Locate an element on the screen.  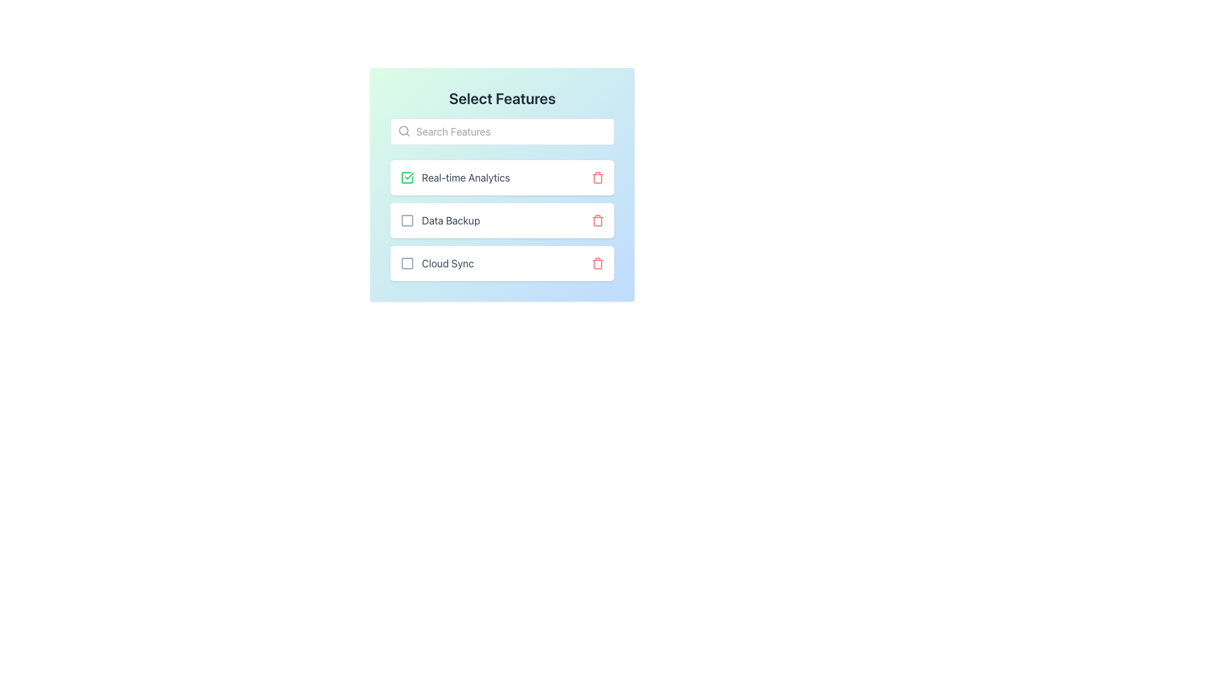
the search icon located on the left side of the search bar, which visually signifies the search functionality of the input field is located at coordinates (404, 131).